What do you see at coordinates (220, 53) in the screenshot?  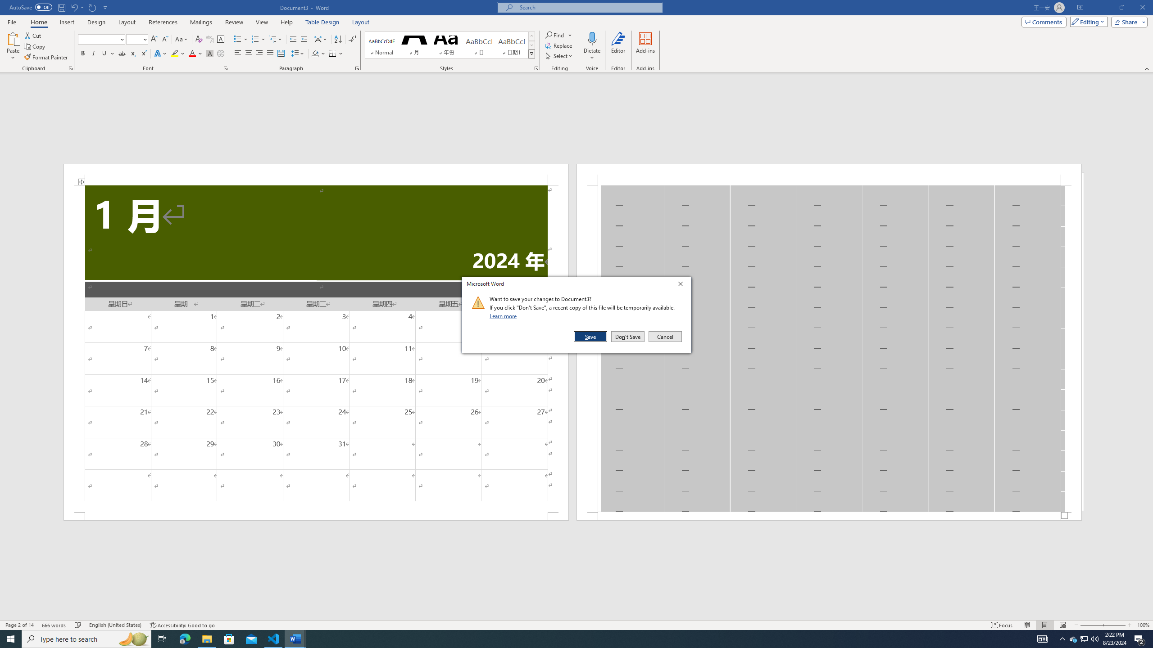 I see `'Enclose Characters...'` at bounding box center [220, 53].